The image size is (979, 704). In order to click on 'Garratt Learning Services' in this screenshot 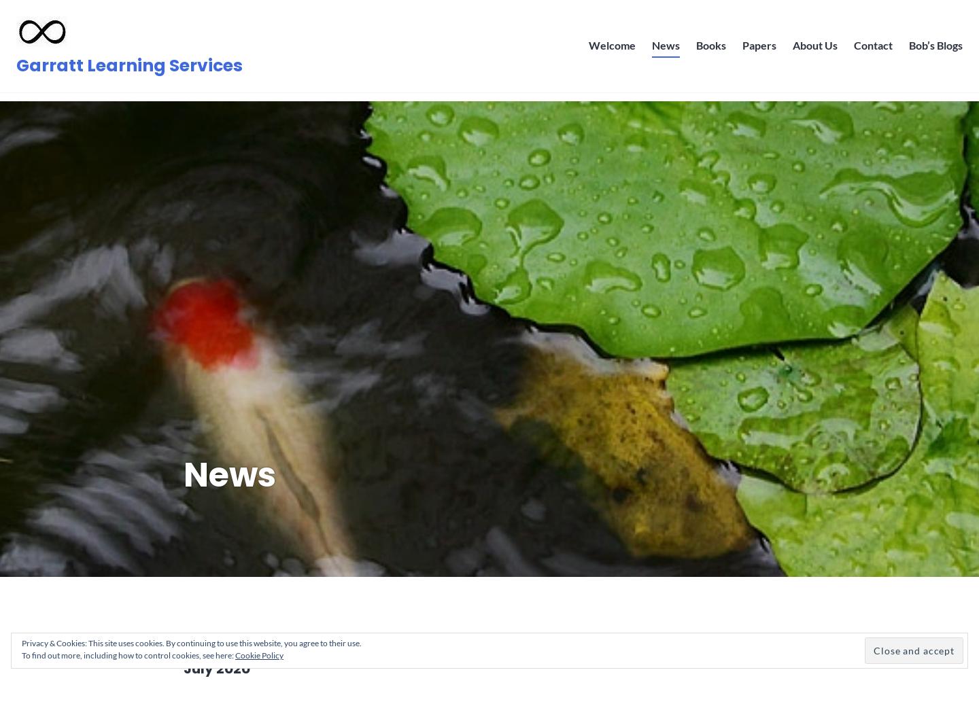, I will do `click(19, 69)`.